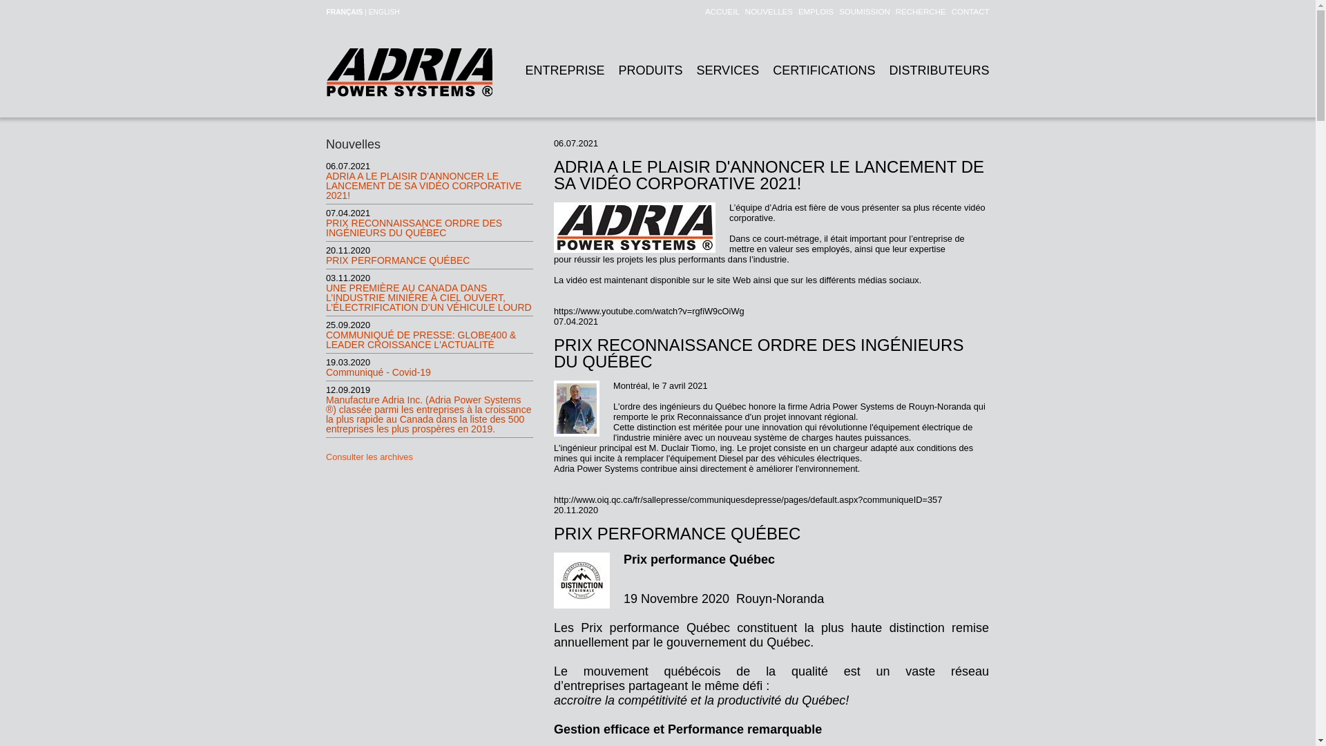 The image size is (1326, 746). What do you see at coordinates (718, 11) in the screenshot?
I see `'ACCUEIL'` at bounding box center [718, 11].